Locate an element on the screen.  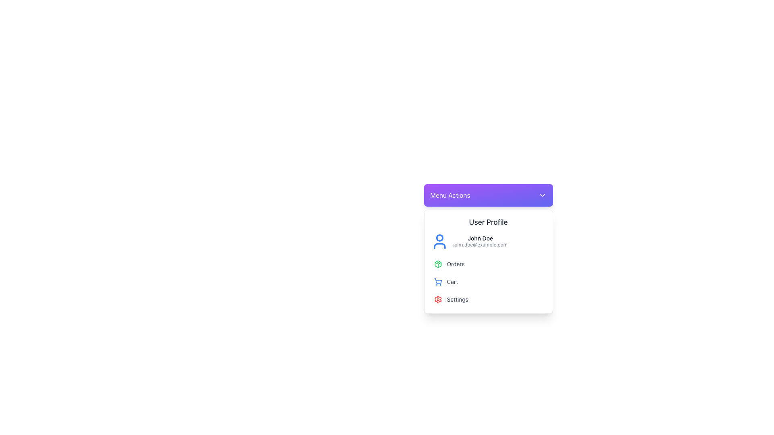
the Profile Display element, which represents the logged-in user's information and is located below the 'User Profile' label in the dropdown menu is located at coordinates (488, 241).